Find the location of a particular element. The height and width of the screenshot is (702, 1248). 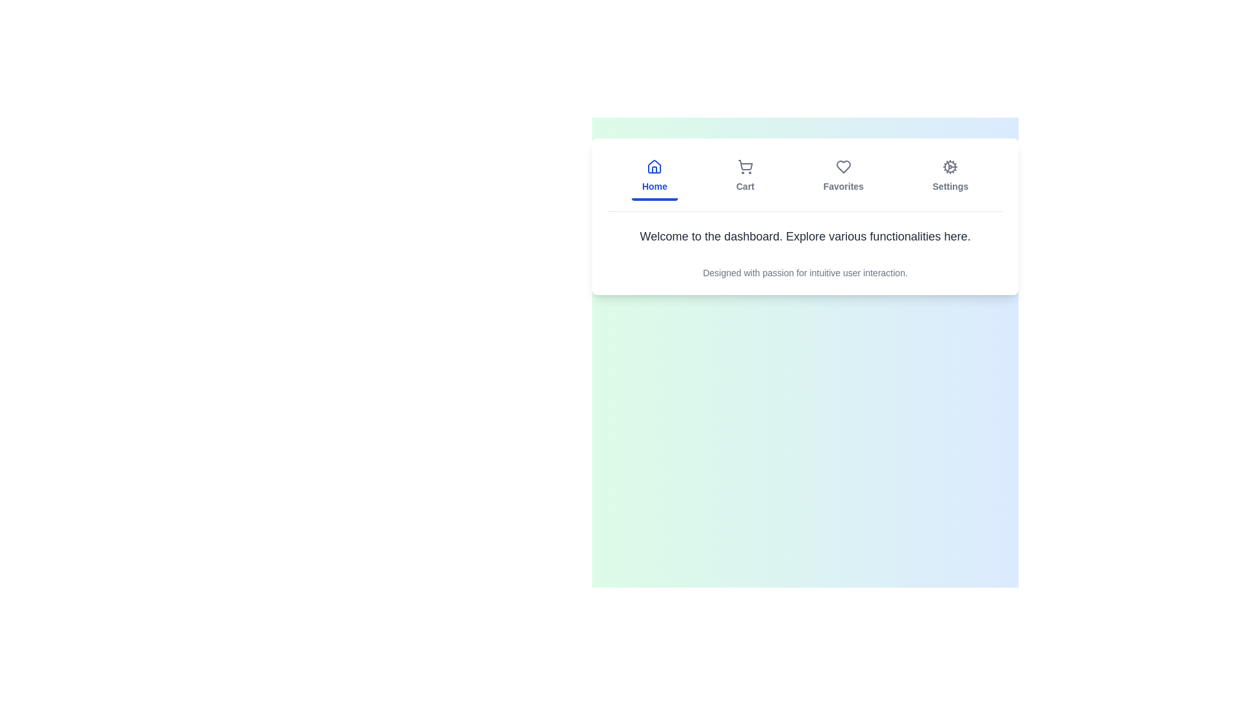

the 'Home' text label, which is a blue, bold font label located at the bottom of the Home tab section, directly below the house icon is located at coordinates (655, 186).